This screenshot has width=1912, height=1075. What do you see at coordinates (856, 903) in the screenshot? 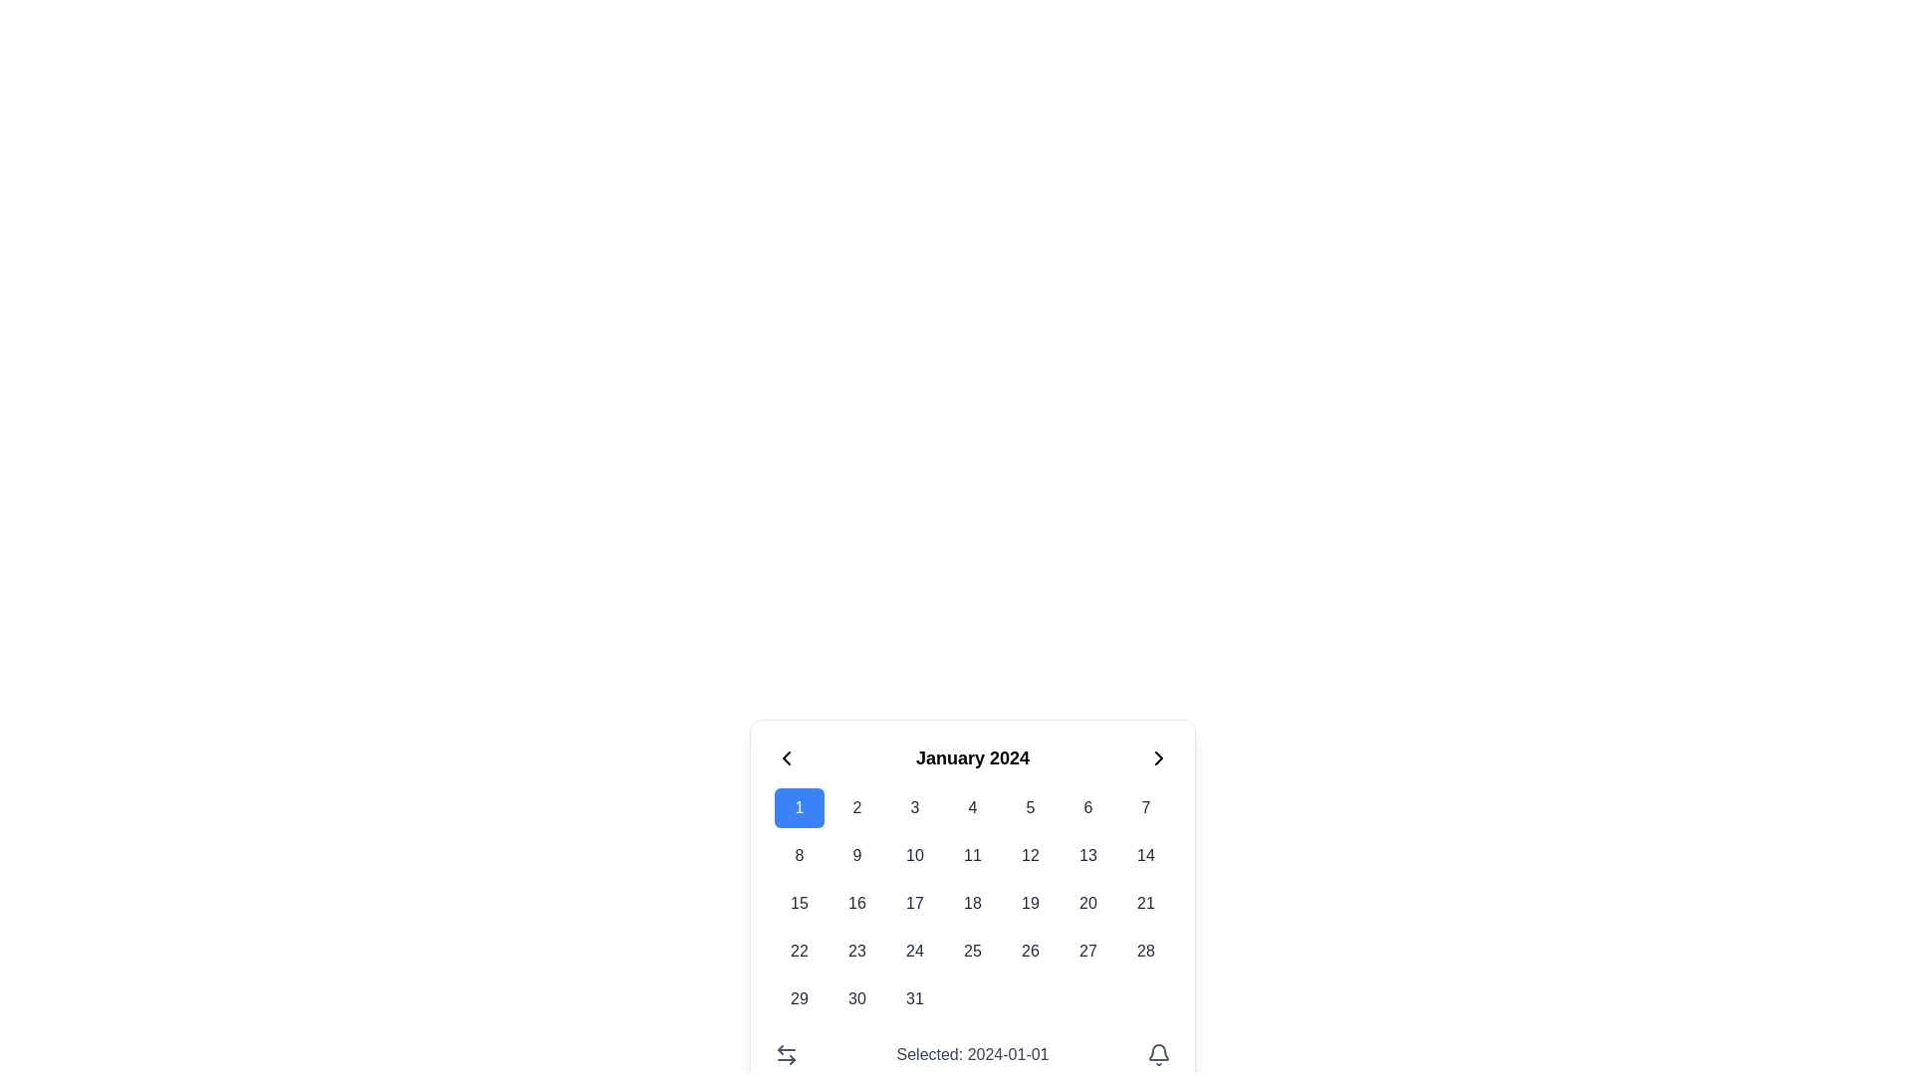
I see `the Calendar day button displaying '16'` at bounding box center [856, 903].